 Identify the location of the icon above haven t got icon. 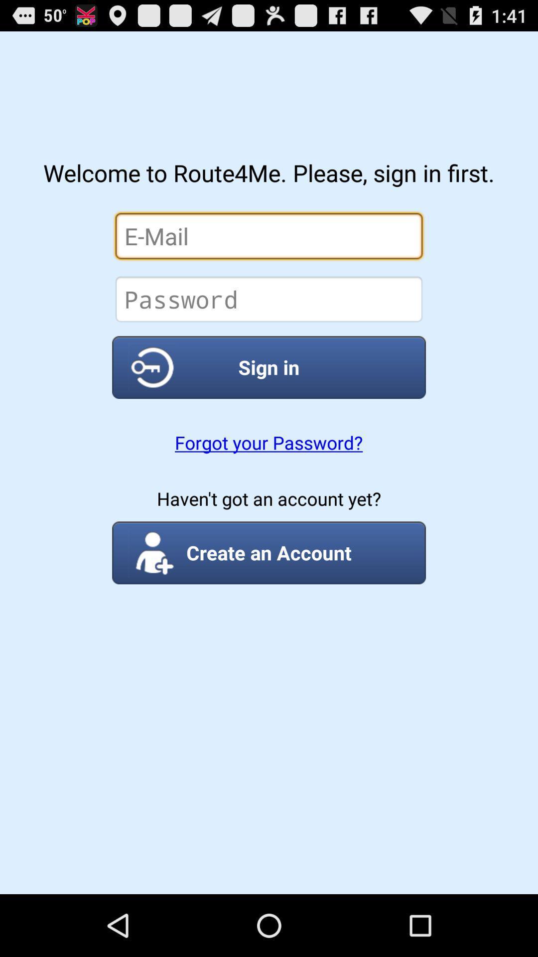
(268, 442).